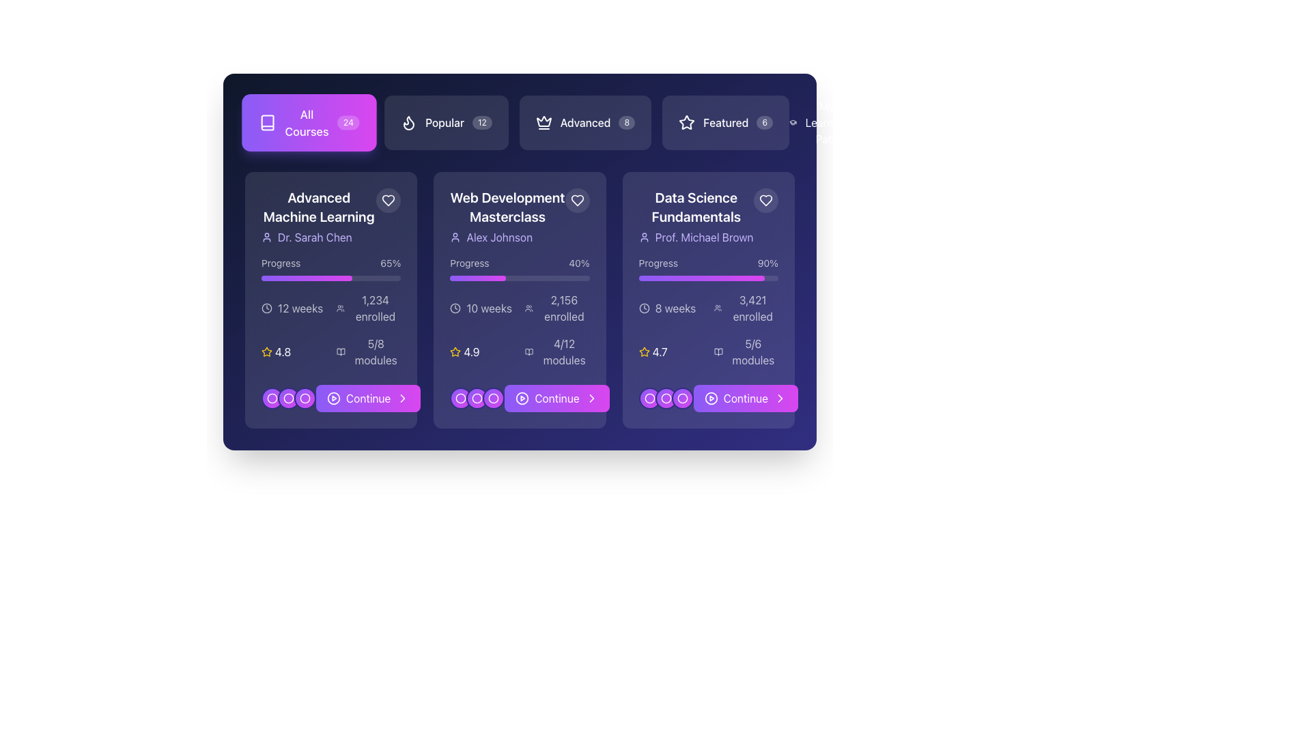 Image resolution: width=1311 pixels, height=737 pixels. What do you see at coordinates (285, 278) in the screenshot?
I see `progress completion` at bounding box center [285, 278].